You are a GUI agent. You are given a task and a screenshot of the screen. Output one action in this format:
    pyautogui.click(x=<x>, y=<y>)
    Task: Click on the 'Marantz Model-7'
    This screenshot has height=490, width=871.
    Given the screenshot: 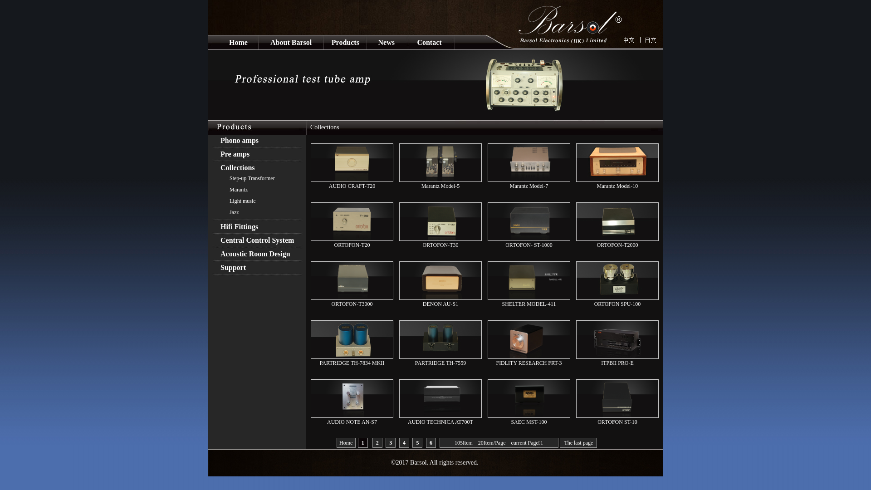 What is the action you would take?
    pyautogui.click(x=529, y=185)
    